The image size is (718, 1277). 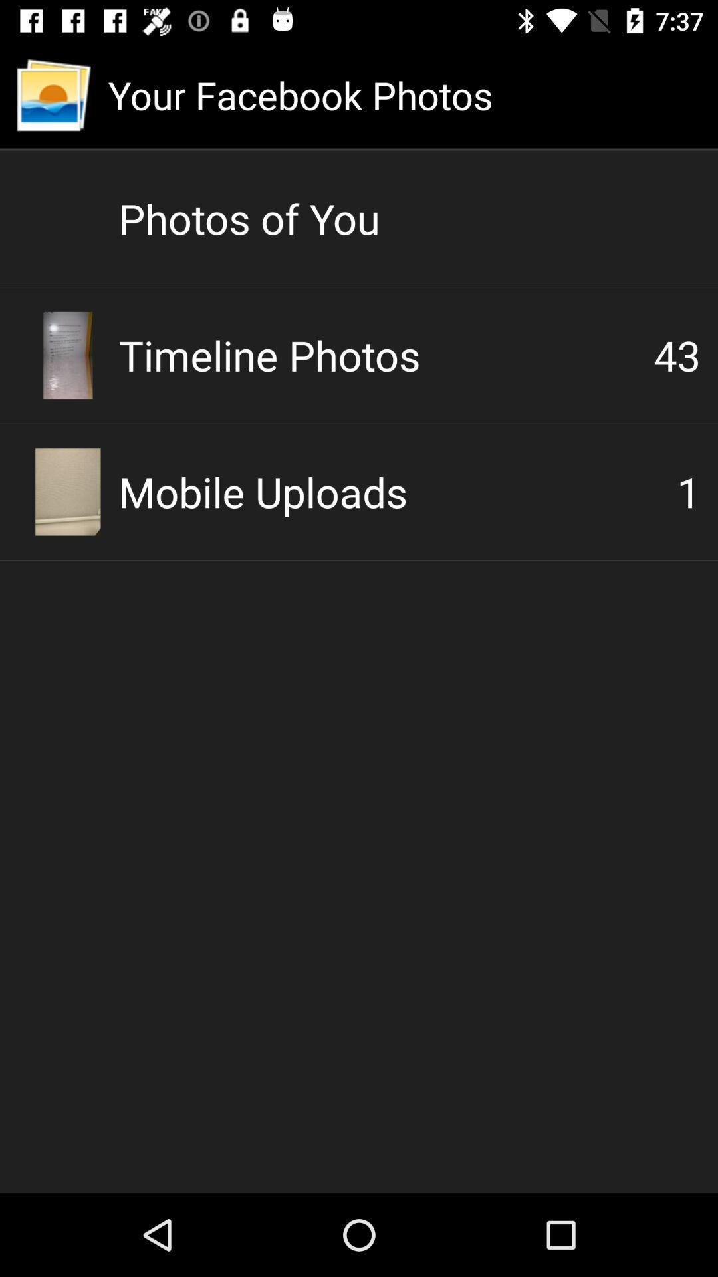 I want to click on the mobile uploads, so click(x=397, y=491).